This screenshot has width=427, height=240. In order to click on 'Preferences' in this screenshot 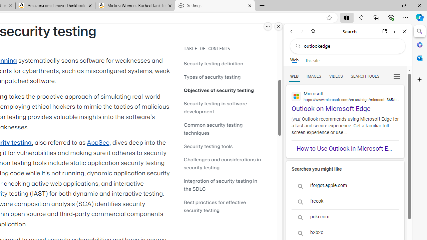, I will do `click(397, 76)`.